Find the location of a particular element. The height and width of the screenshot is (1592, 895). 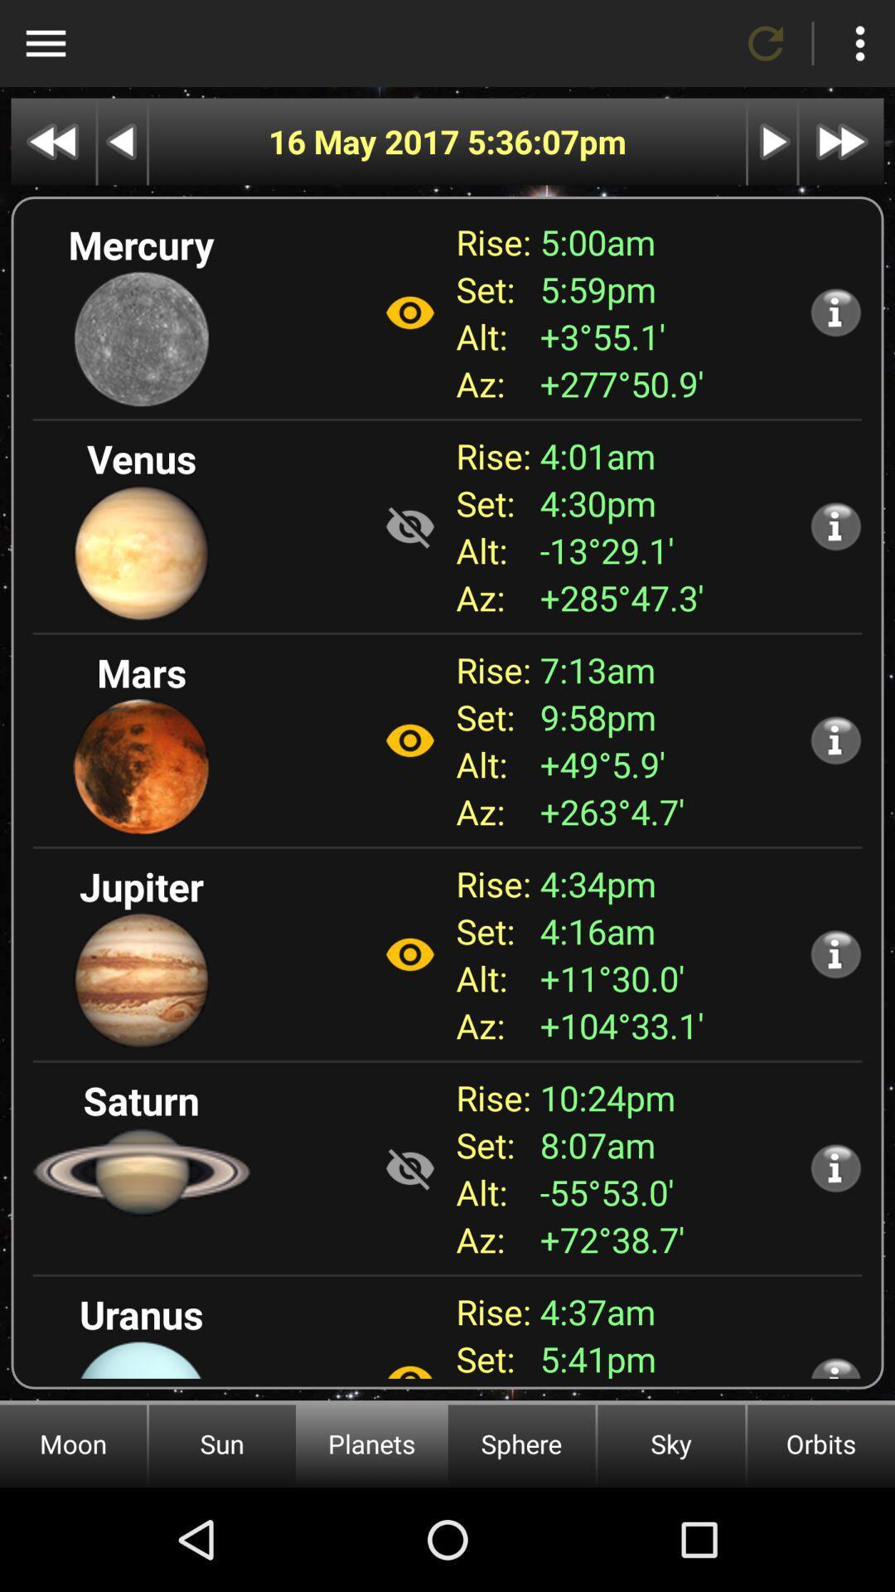

hide planet is located at coordinates (409, 526).